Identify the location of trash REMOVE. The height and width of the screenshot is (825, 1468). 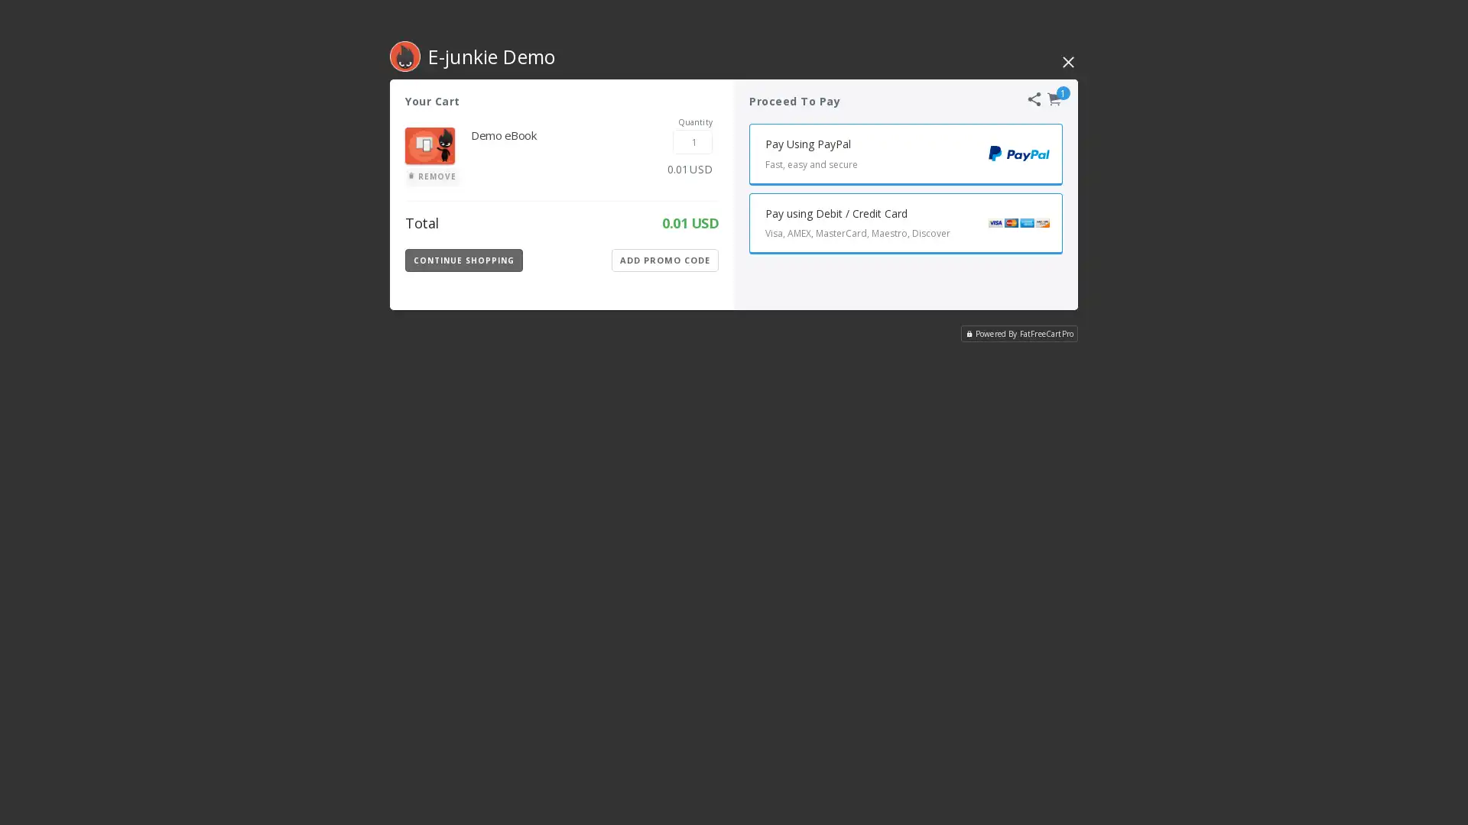
(431, 176).